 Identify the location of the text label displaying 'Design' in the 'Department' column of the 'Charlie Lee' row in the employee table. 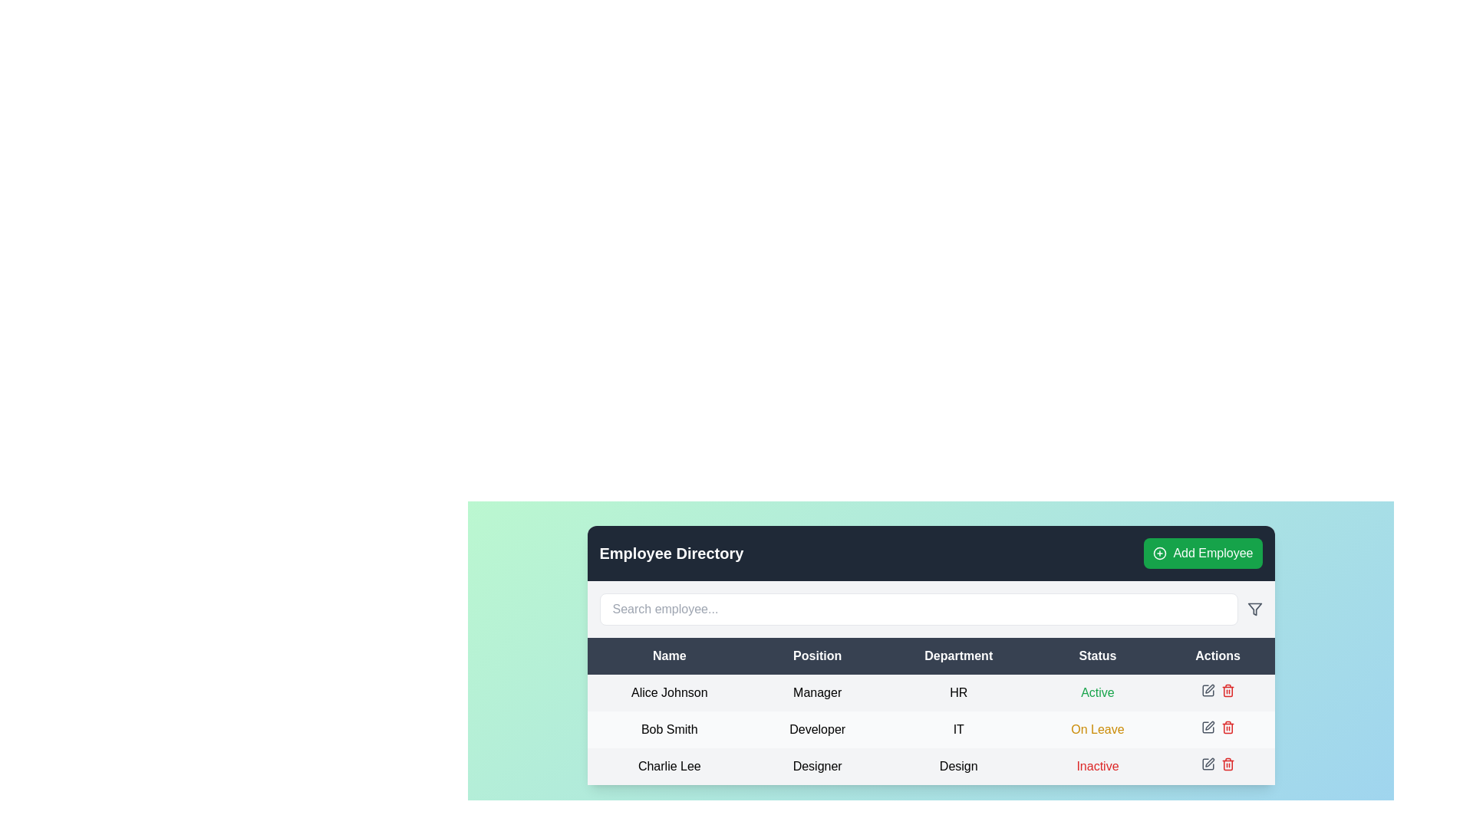
(957, 766).